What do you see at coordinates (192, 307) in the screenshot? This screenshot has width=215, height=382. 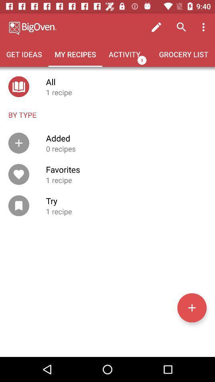 I see `item` at bounding box center [192, 307].